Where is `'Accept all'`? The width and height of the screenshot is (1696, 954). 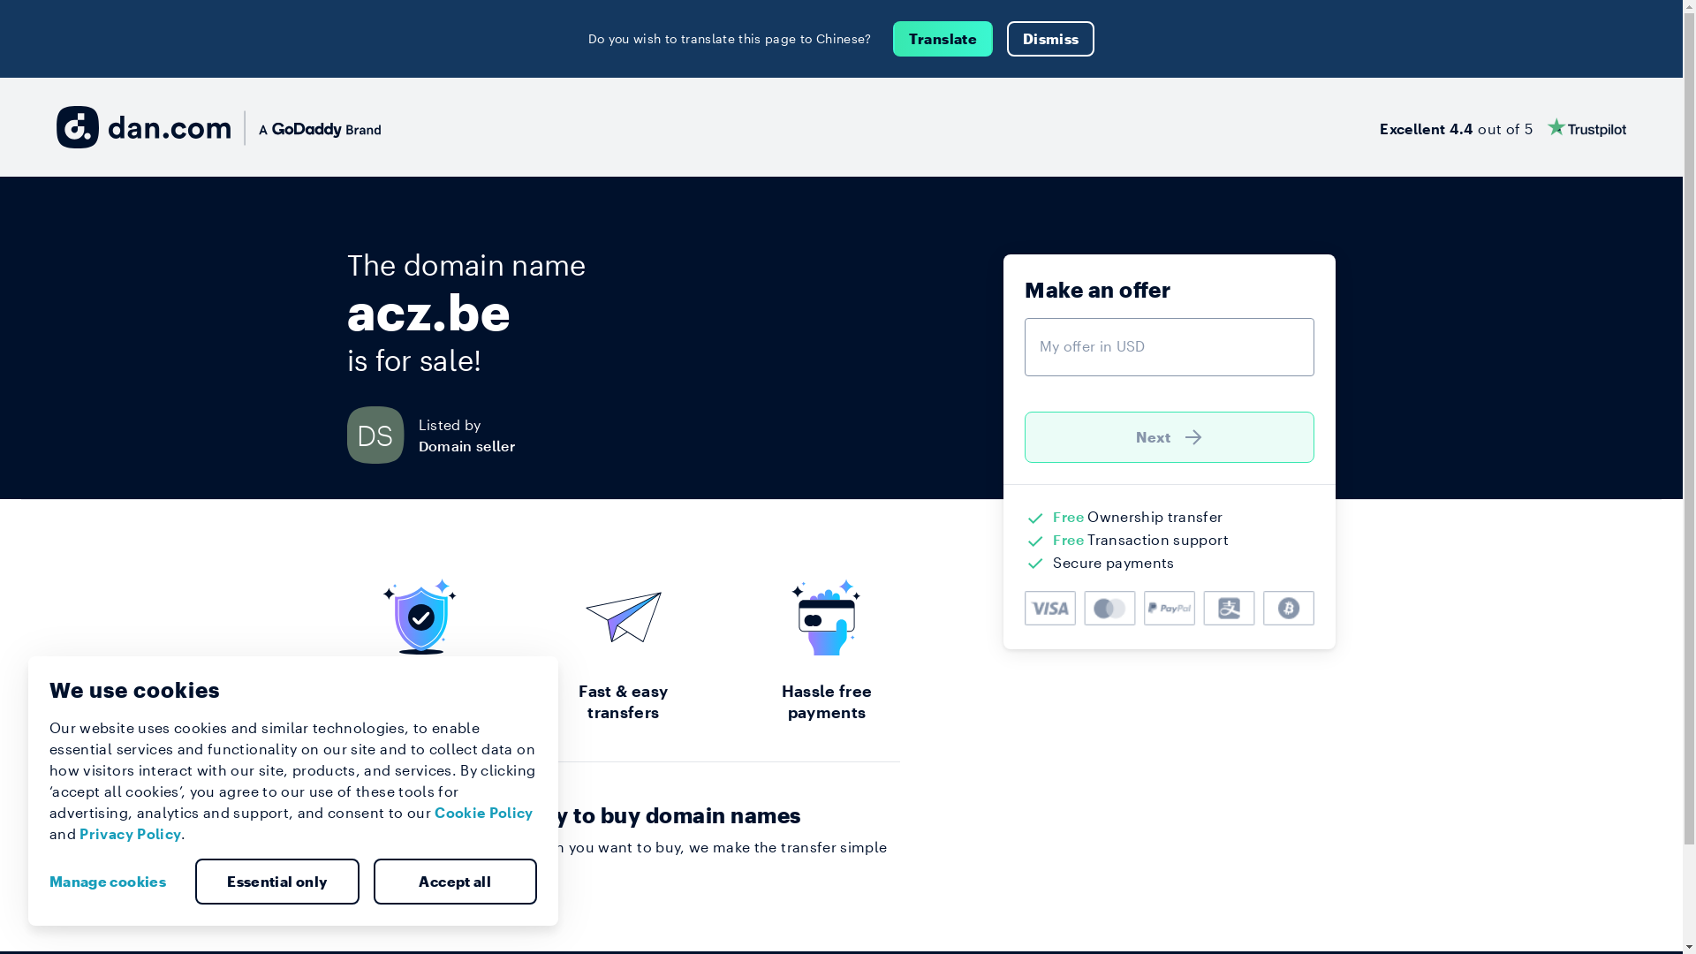 'Accept all' is located at coordinates (454, 882).